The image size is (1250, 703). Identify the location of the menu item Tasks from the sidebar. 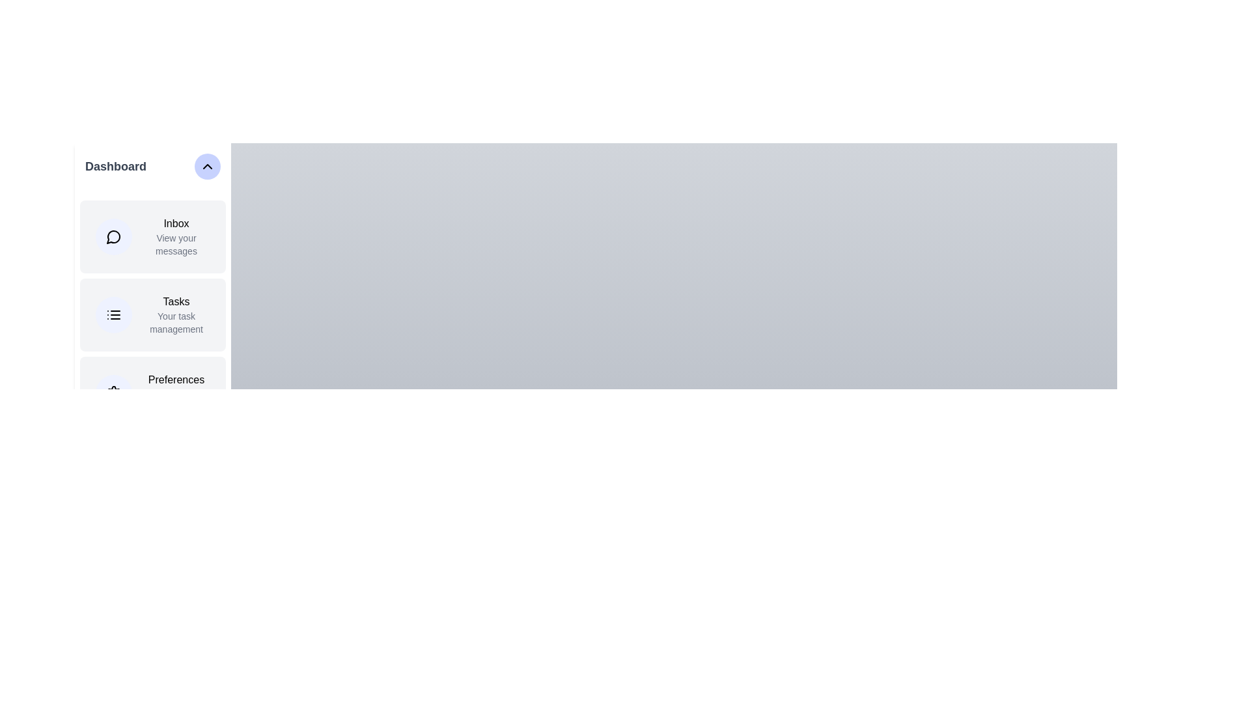
(153, 314).